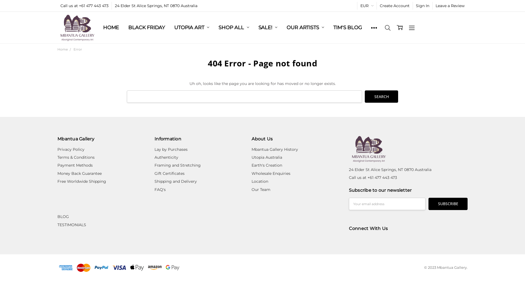  Describe the element at coordinates (160, 189) in the screenshot. I see `'FAQ's'` at that location.